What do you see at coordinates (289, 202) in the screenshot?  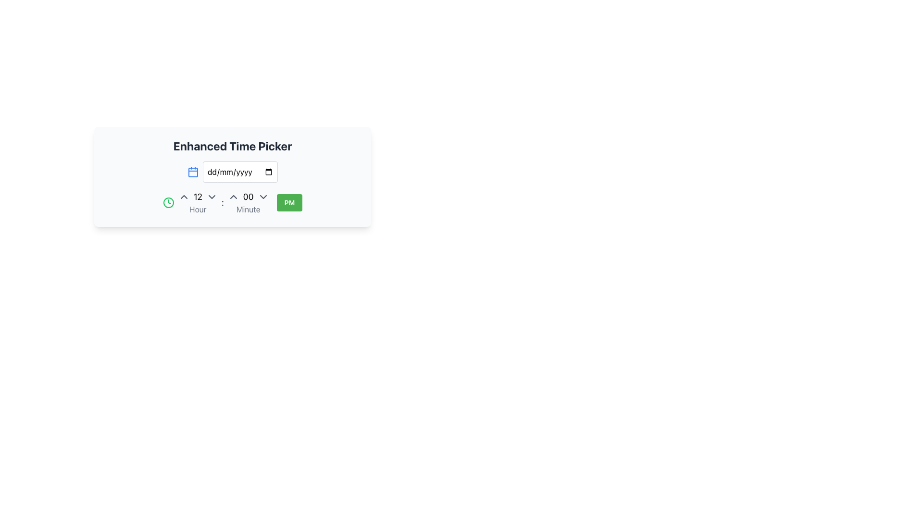 I see `the 'PM' button` at bounding box center [289, 202].